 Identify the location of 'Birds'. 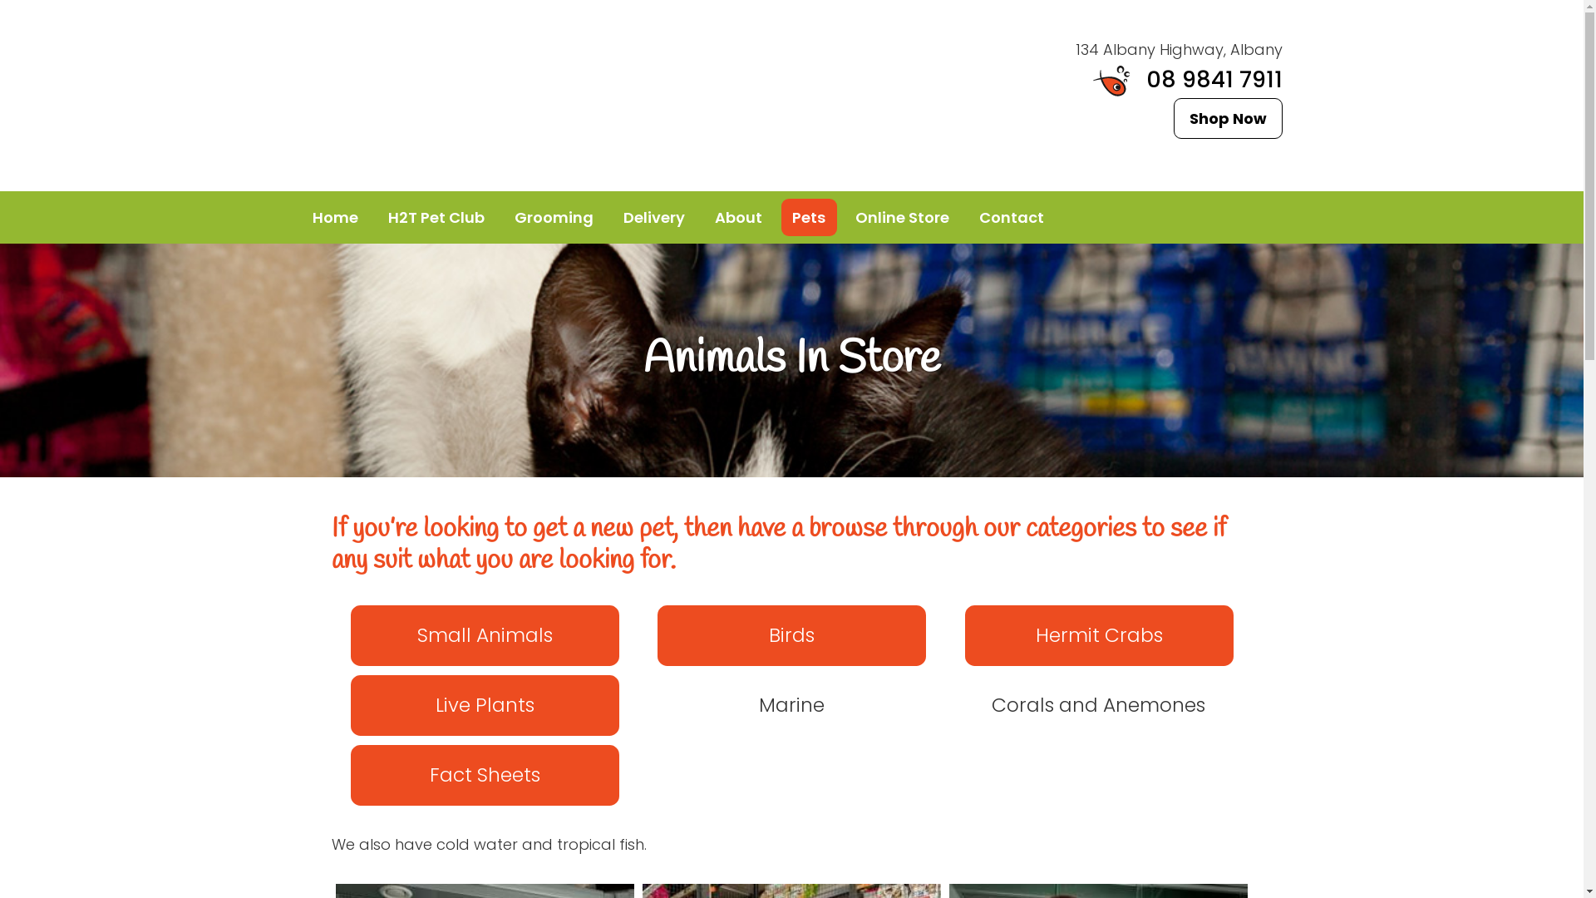
(791, 635).